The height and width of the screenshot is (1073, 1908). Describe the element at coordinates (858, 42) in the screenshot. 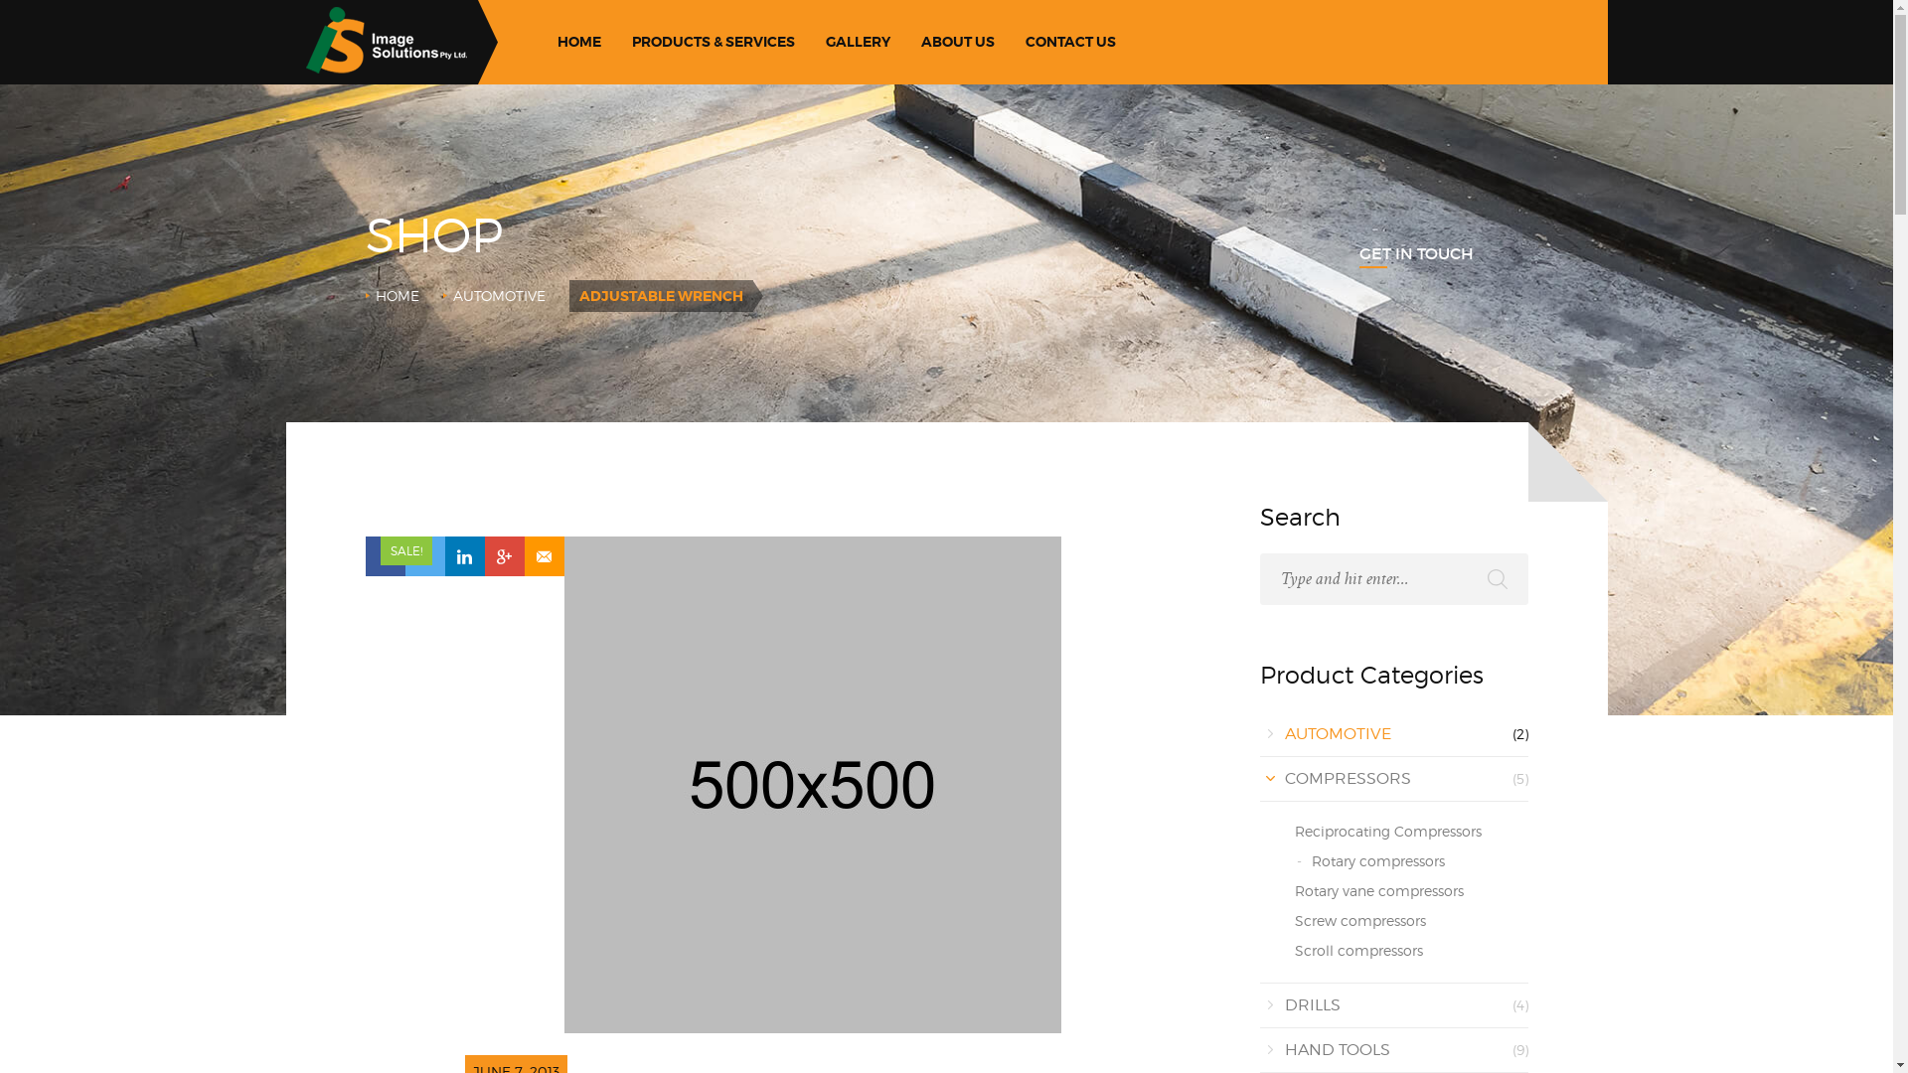

I see `'GALLERY'` at that location.